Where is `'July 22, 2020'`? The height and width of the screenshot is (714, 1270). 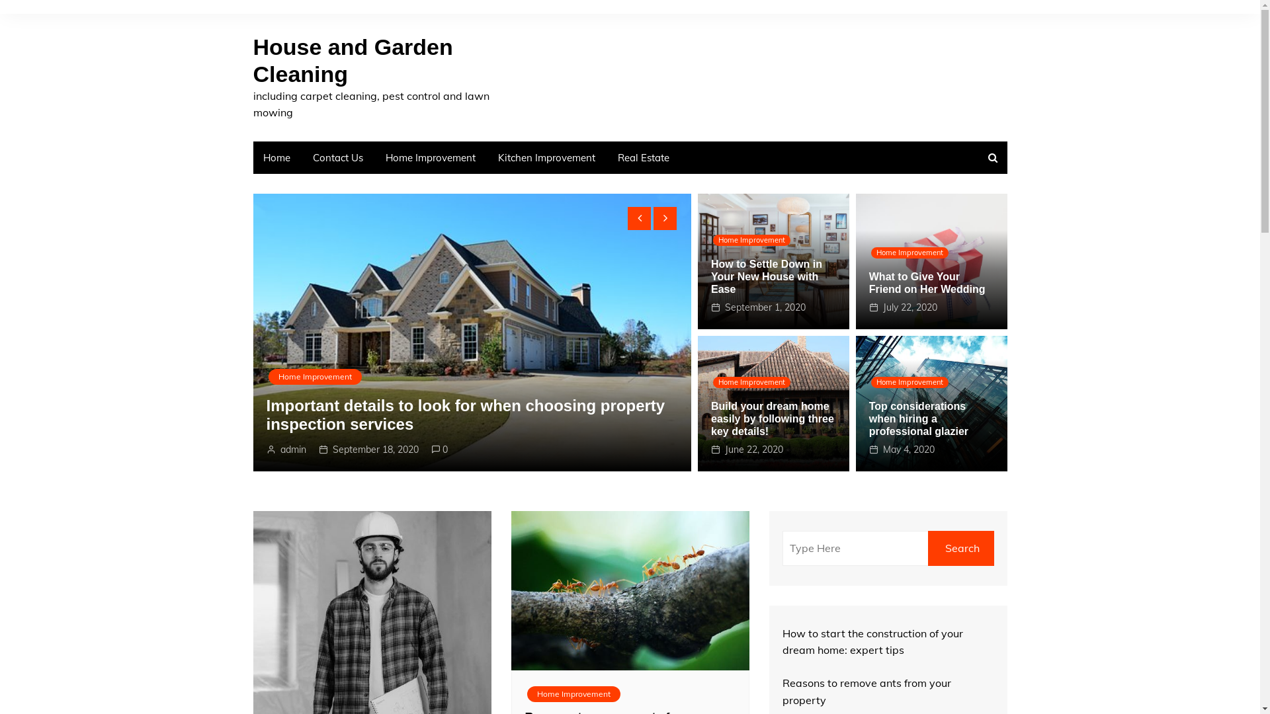
'July 22, 2020' is located at coordinates (882, 307).